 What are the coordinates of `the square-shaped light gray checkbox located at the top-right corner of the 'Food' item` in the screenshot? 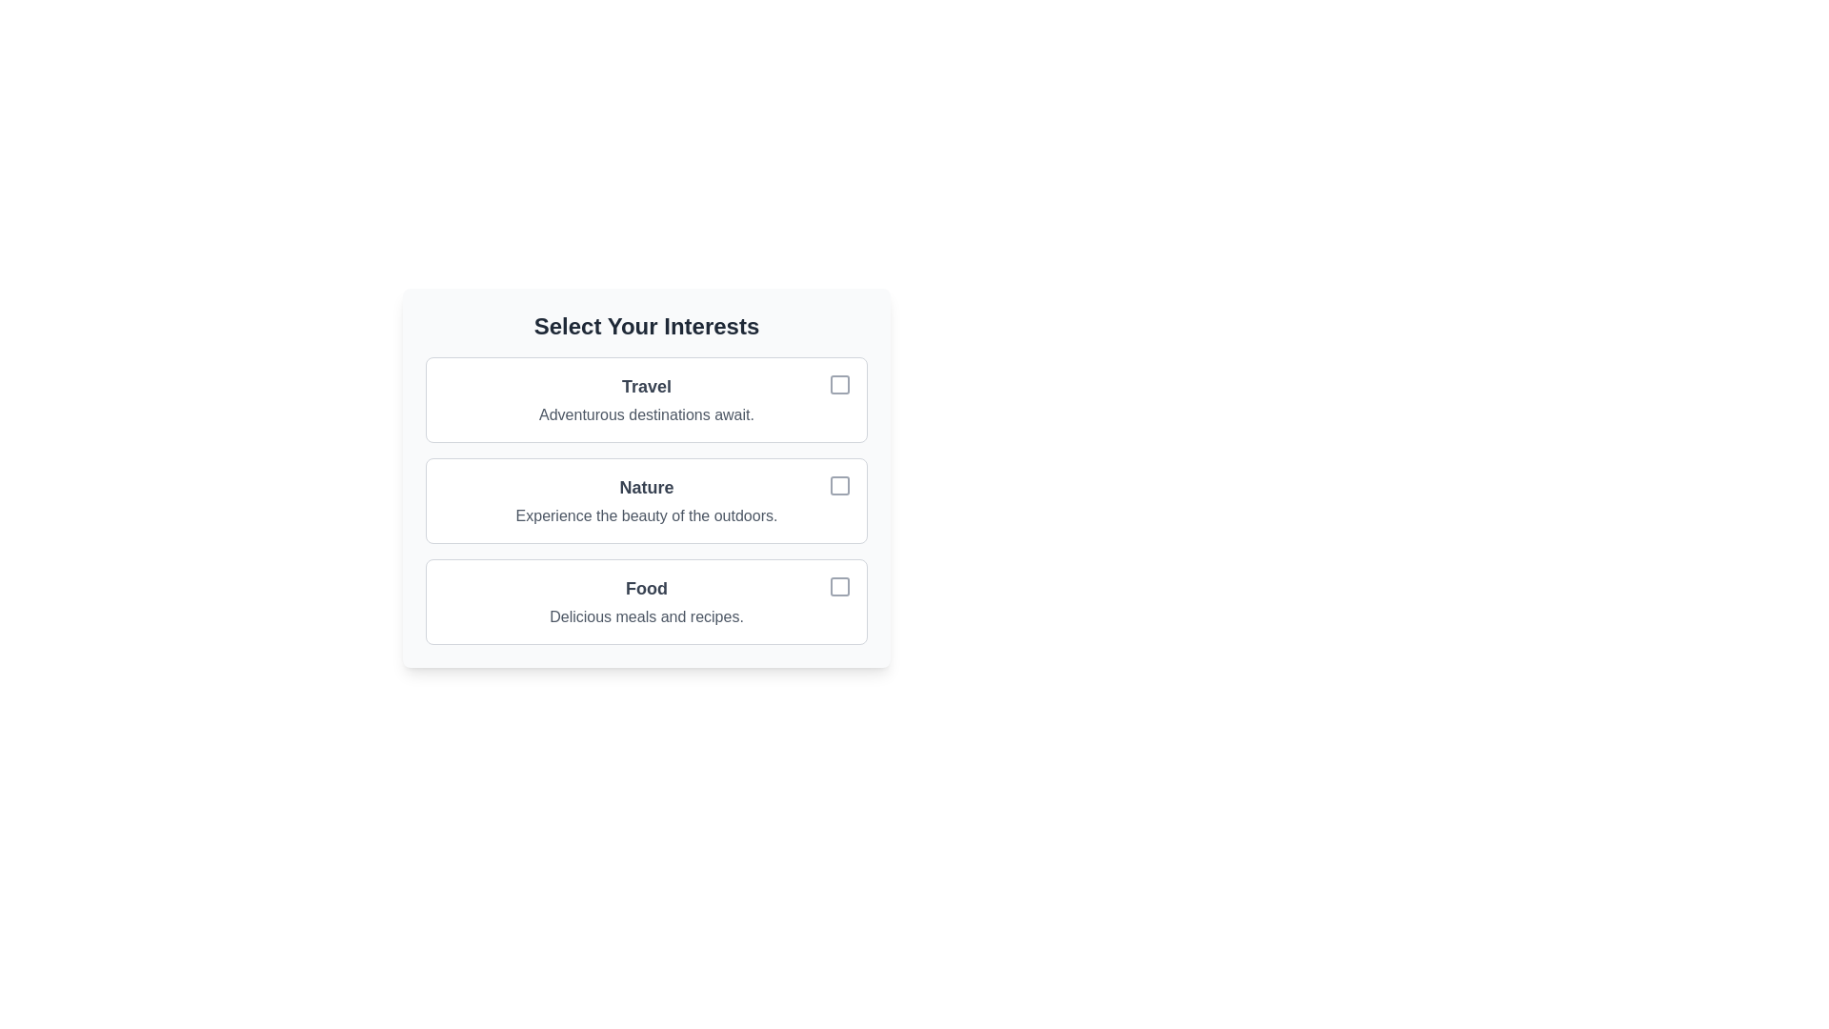 It's located at (839, 586).